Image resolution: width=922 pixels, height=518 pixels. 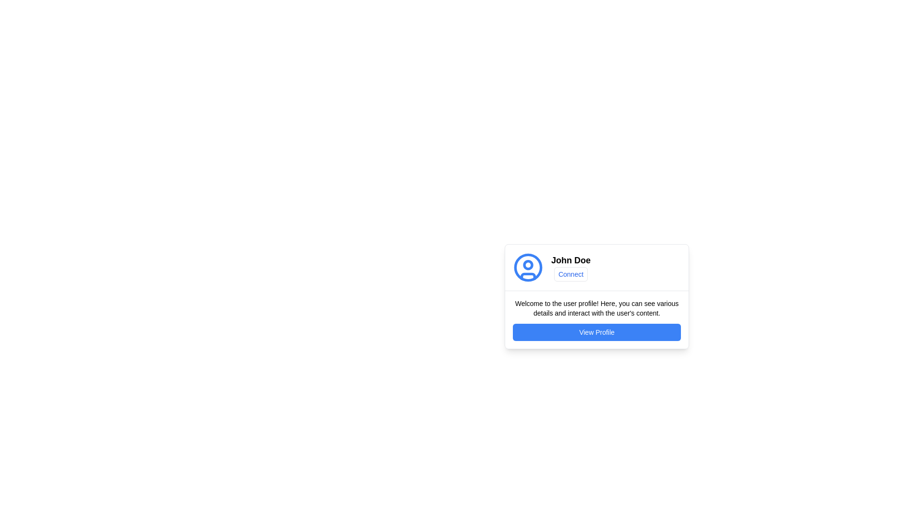 What do you see at coordinates (571, 260) in the screenshot?
I see `the Static Text displaying 'John Doe' in bold, large font located in the top-right area of the user profile section` at bounding box center [571, 260].